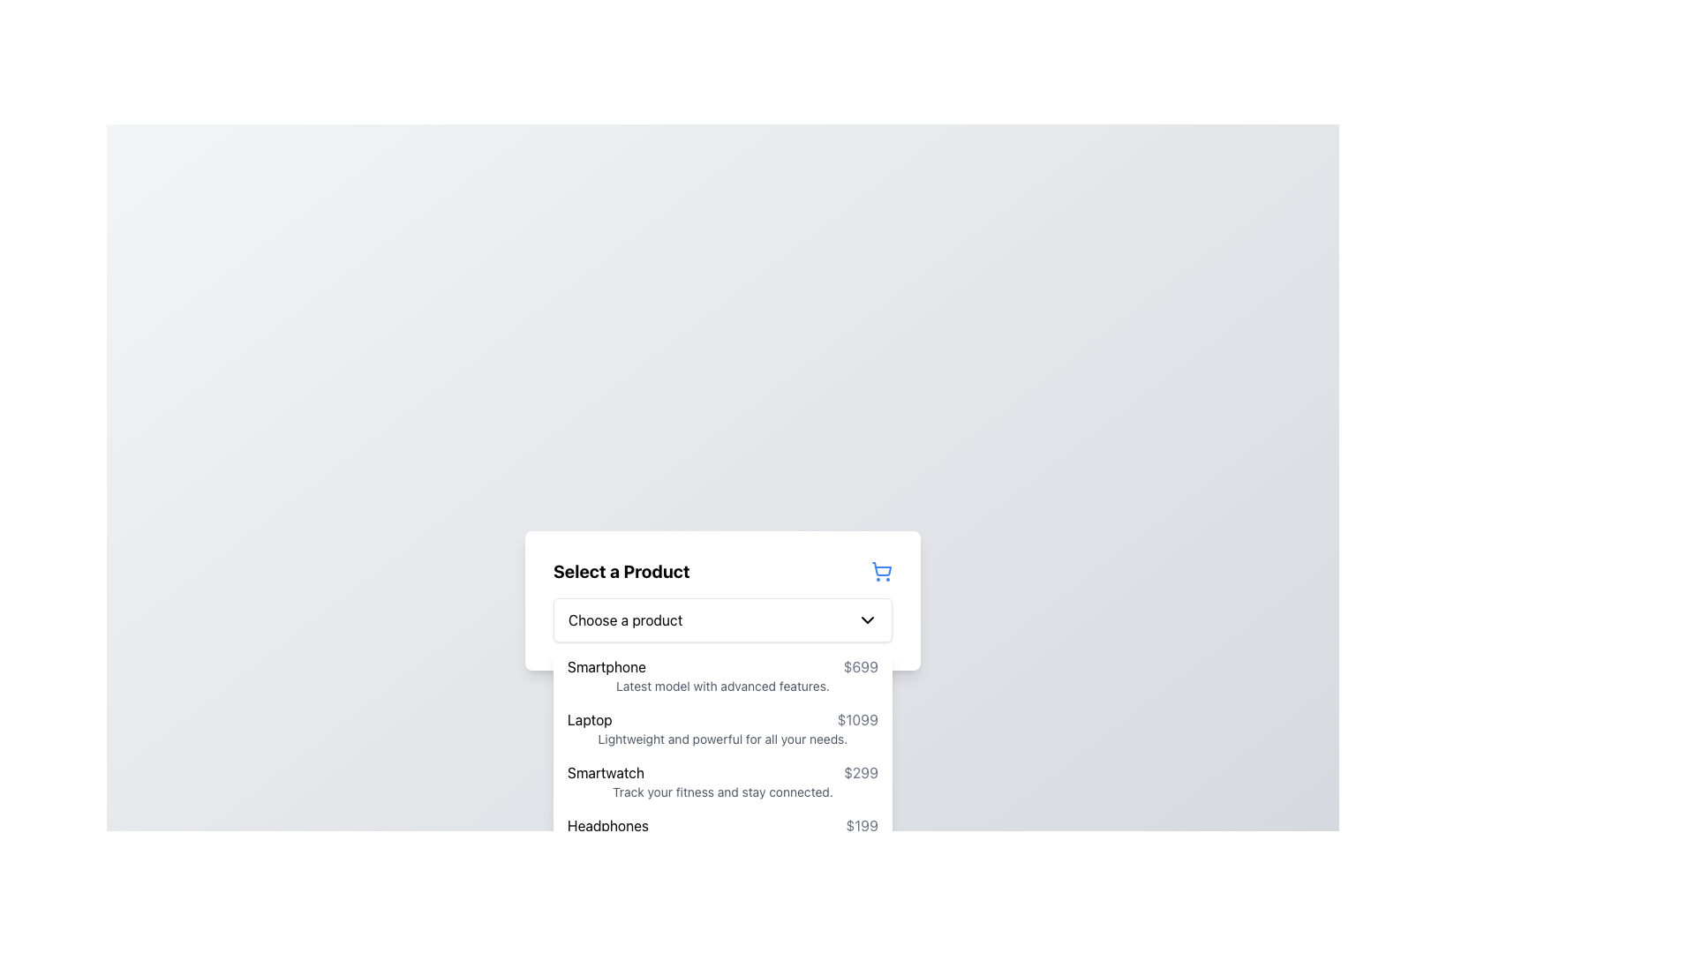  Describe the element at coordinates (606, 771) in the screenshot. I see `the associated product by clicking on the text label 'Smartwatch', which is styled in bold and located near the top of the product list` at that location.